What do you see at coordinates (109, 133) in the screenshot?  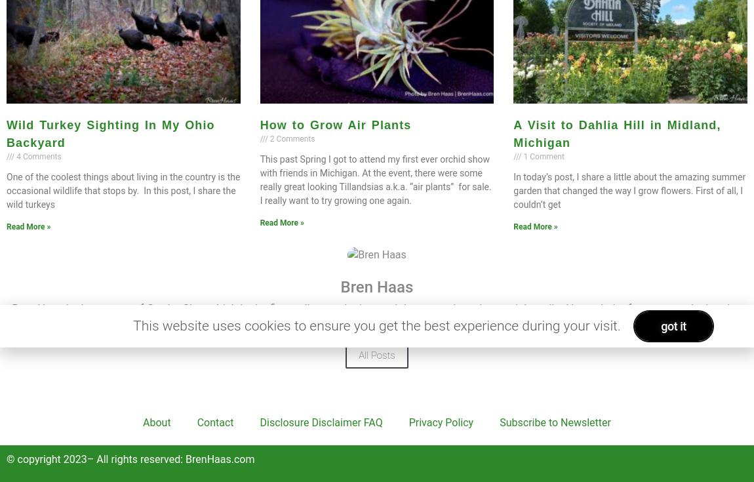 I see `'Wild Turkey Sighting In My Ohio Backyard'` at bounding box center [109, 133].